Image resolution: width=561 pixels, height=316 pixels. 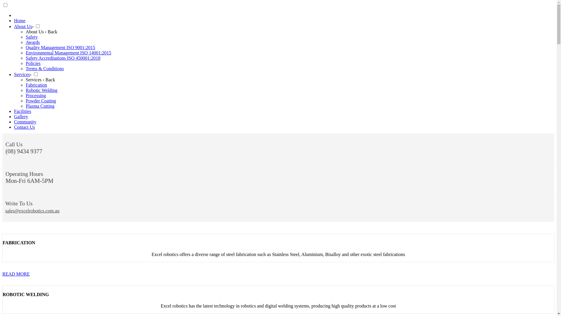 What do you see at coordinates (32, 42) in the screenshot?
I see `'Awards'` at bounding box center [32, 42].